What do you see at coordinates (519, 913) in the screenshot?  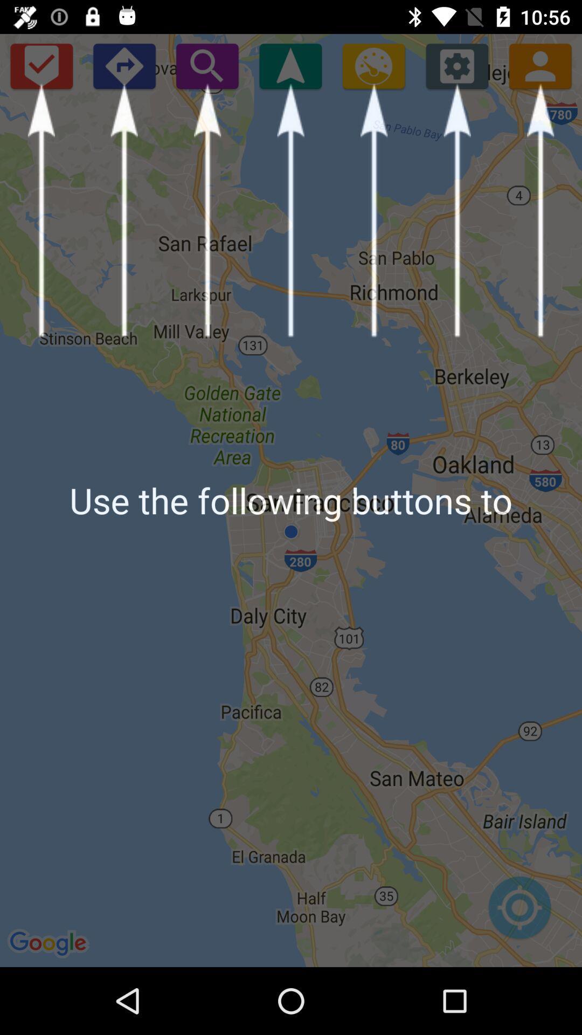 I see `my current location` at bounding box center [519, 913].